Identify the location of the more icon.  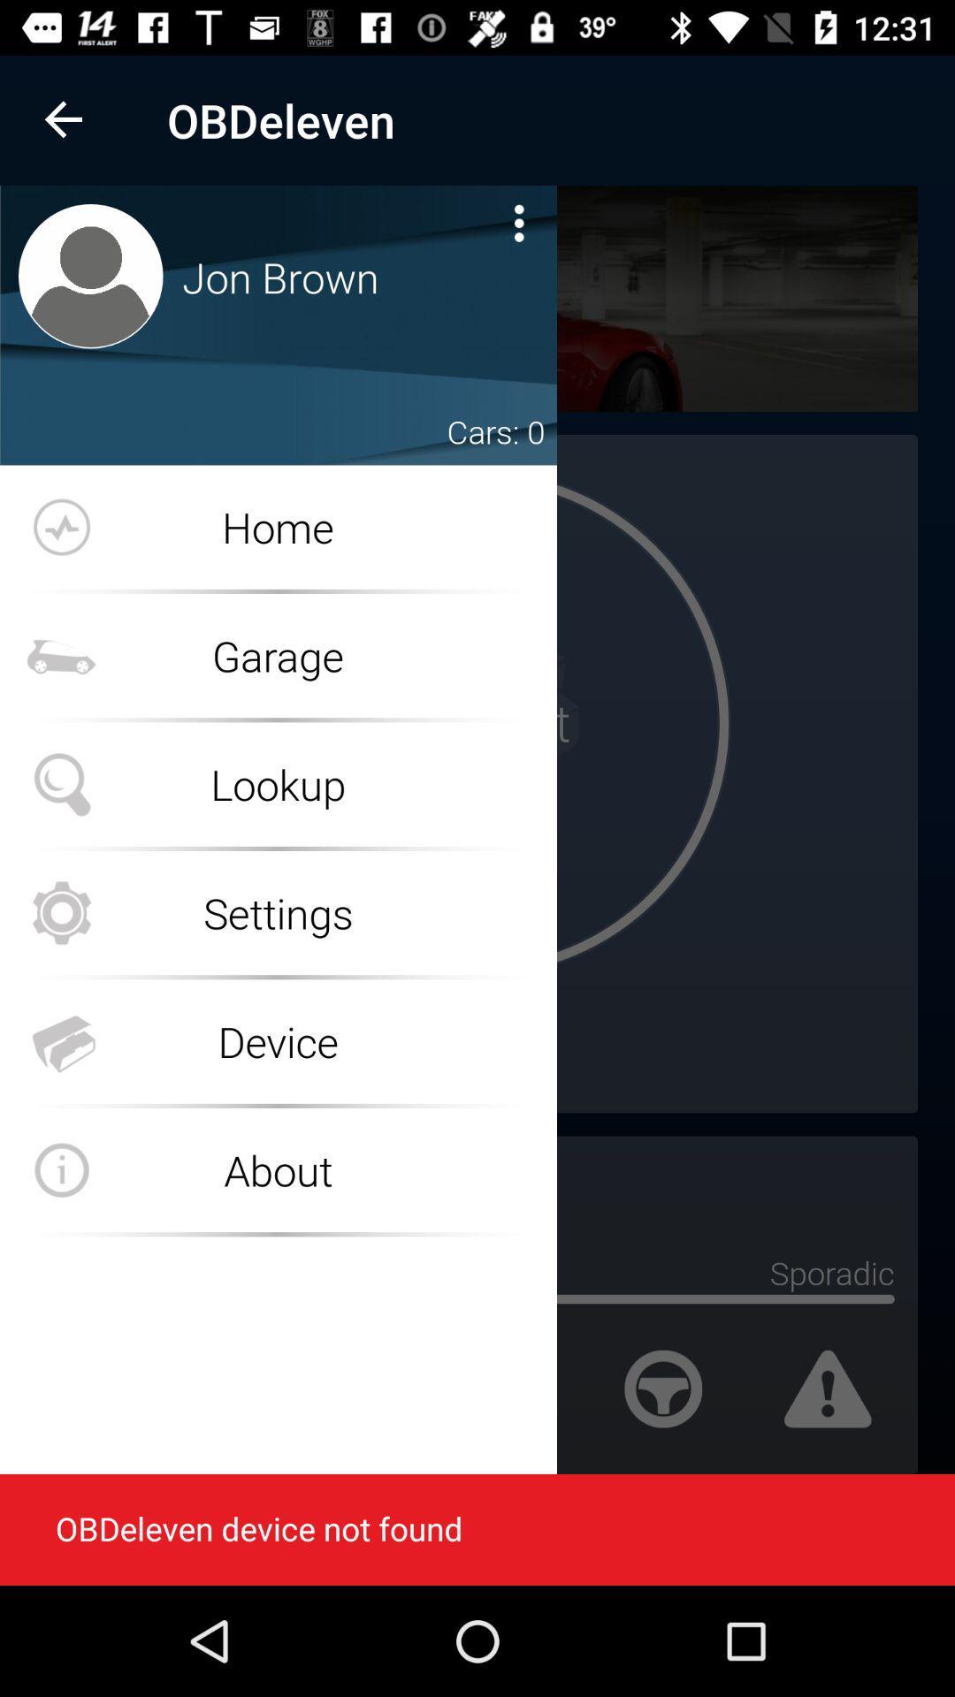
(518, 222).